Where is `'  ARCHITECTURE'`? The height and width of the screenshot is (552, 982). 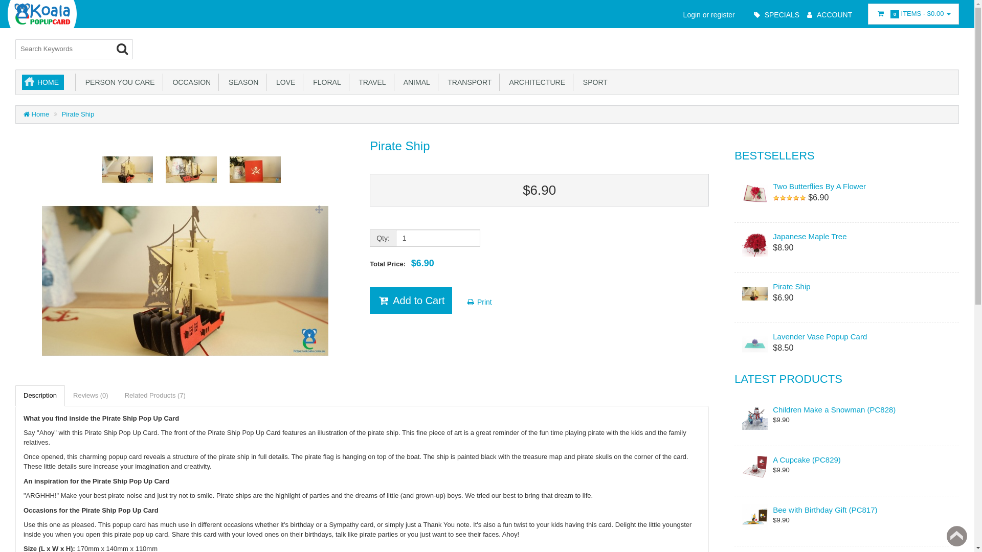
'  ARCHITECTURE' is located at coordinates (536, 82).